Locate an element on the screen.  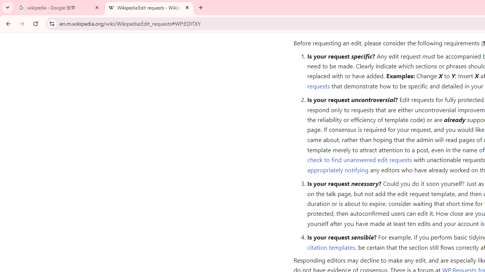
'Back' is located at coordinates (7, 23).